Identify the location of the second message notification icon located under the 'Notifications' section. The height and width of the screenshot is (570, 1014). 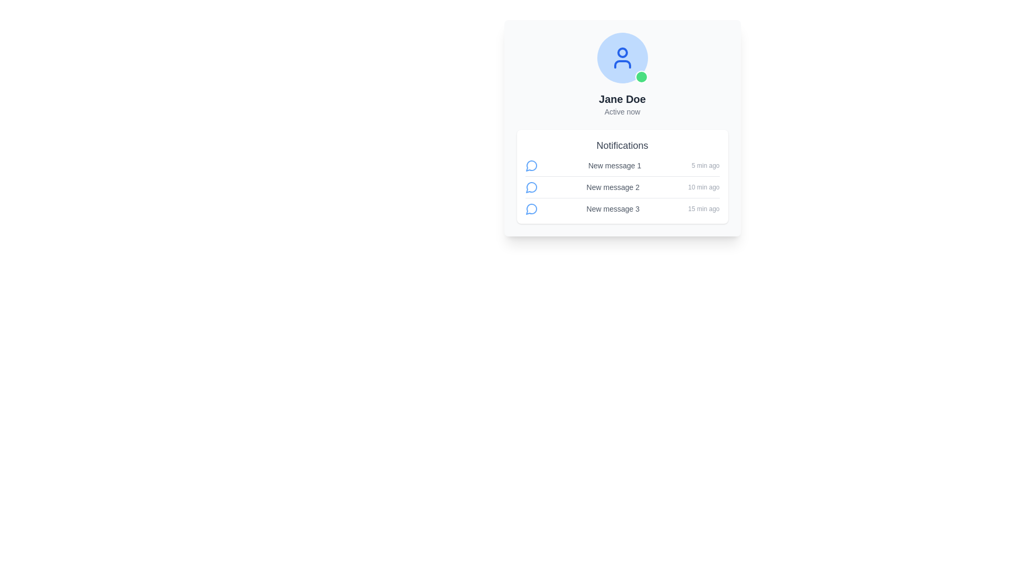
(531, 186).